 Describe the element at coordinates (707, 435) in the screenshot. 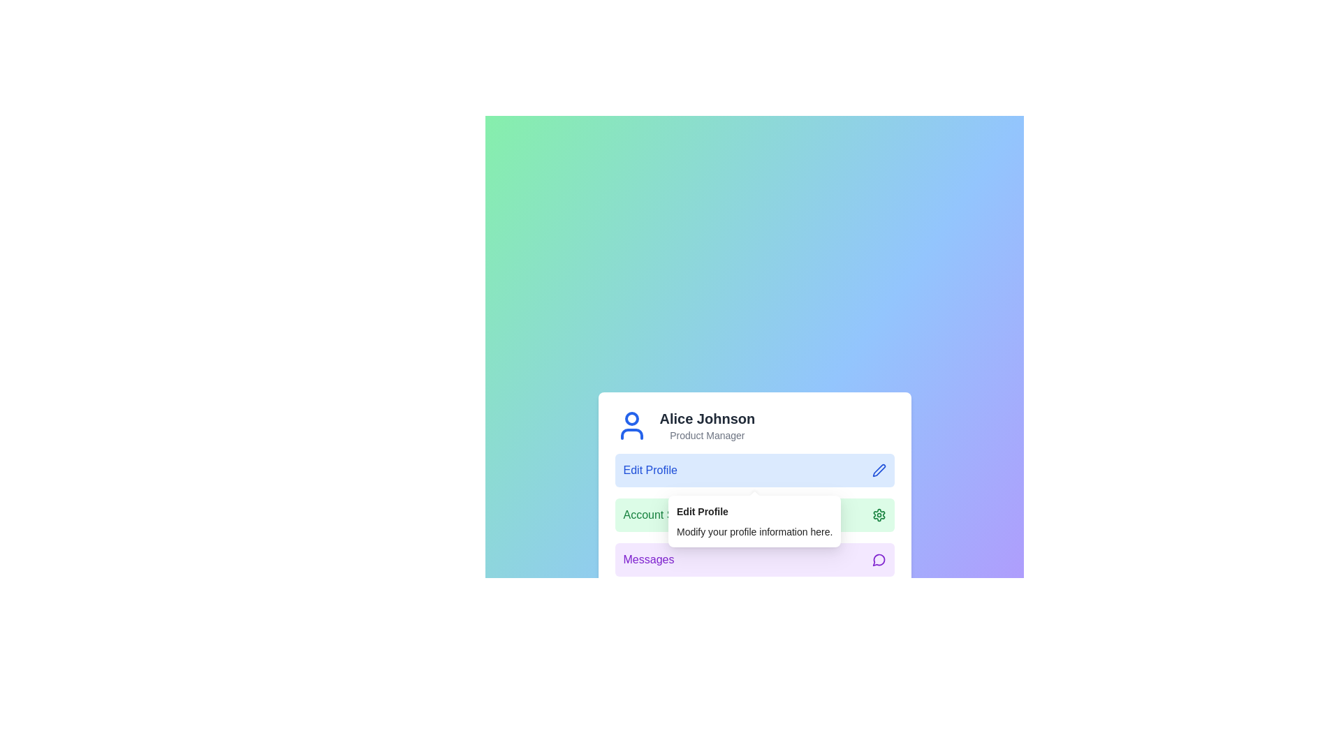

I see `the text label displaying the job title 'Product Manager' for the individual 'Alice Johnson', which is located beneath the name header in the profile card component` at that location.